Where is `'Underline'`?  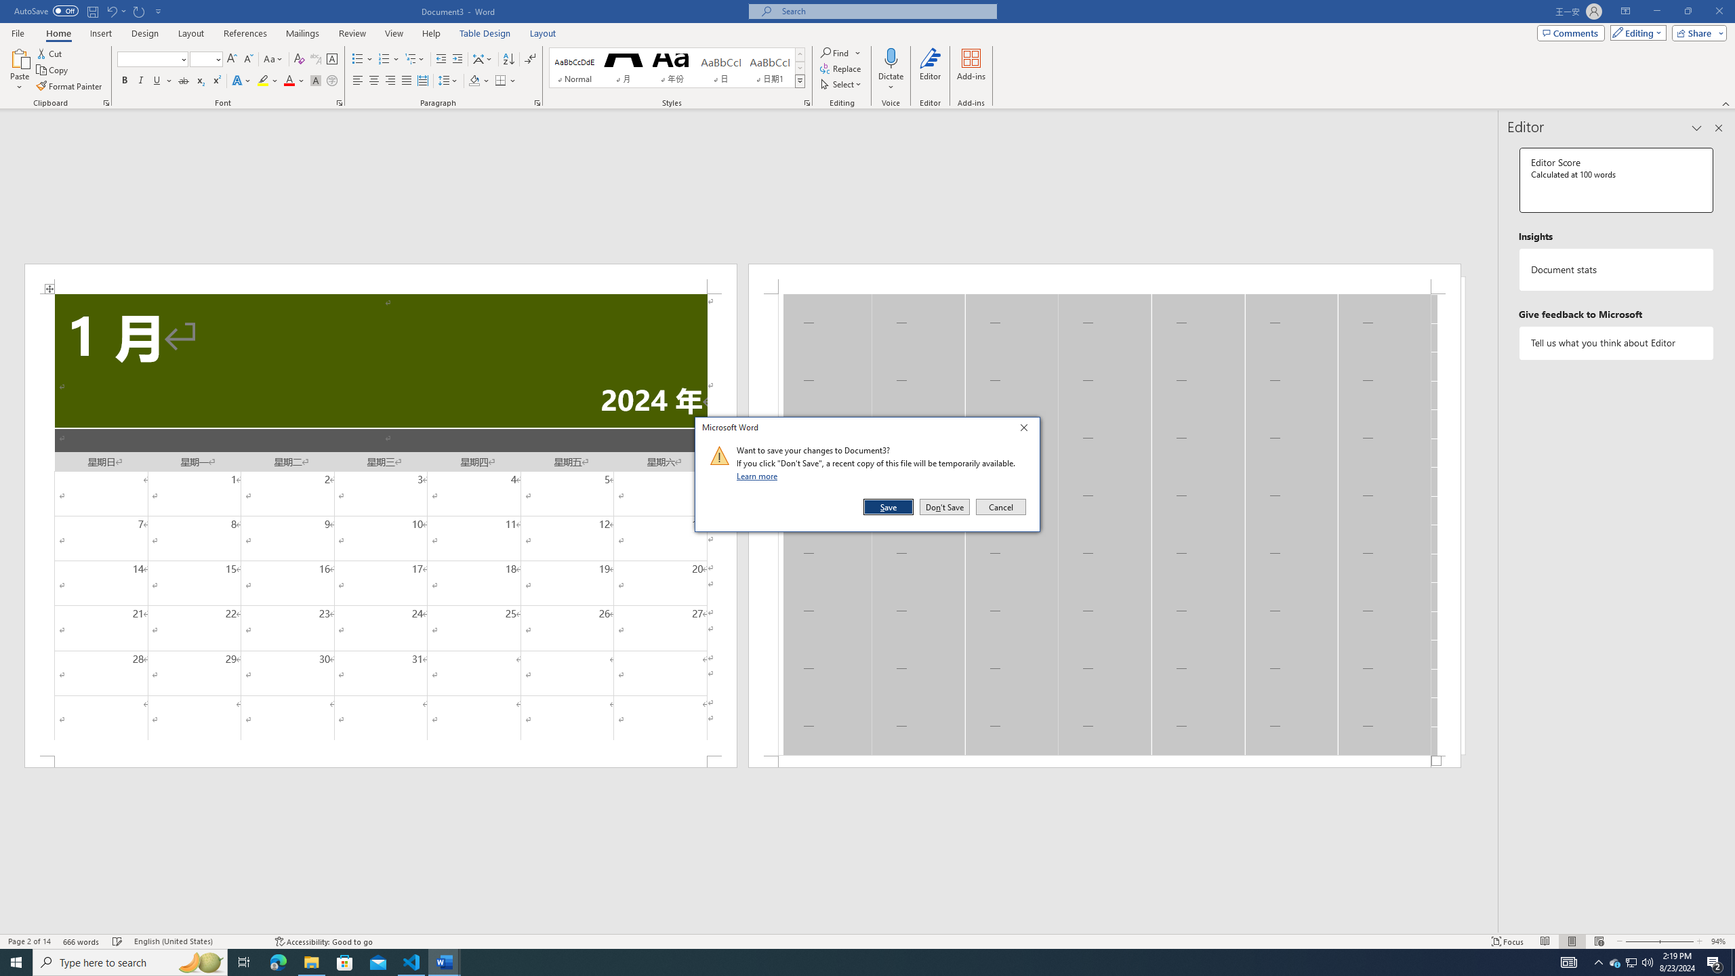
'Underline' is located at coordinates (162, 80).